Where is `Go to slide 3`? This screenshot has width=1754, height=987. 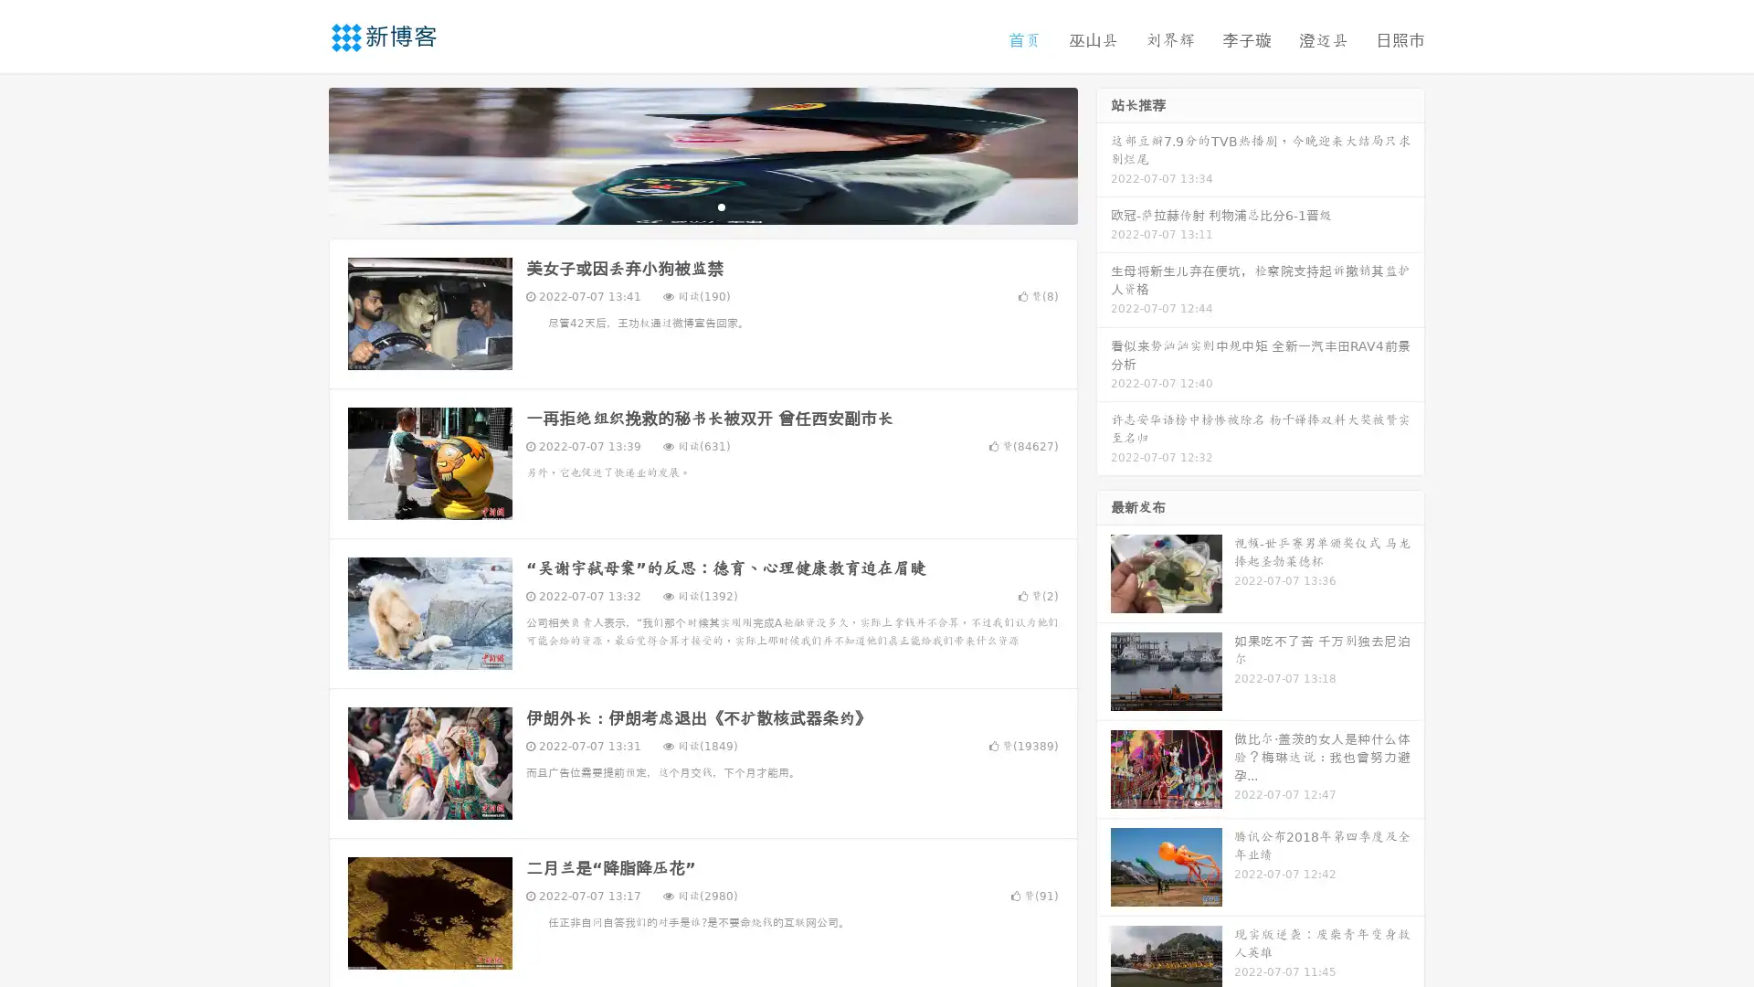 Go to slide 3 is located at coordinates (721, 206).